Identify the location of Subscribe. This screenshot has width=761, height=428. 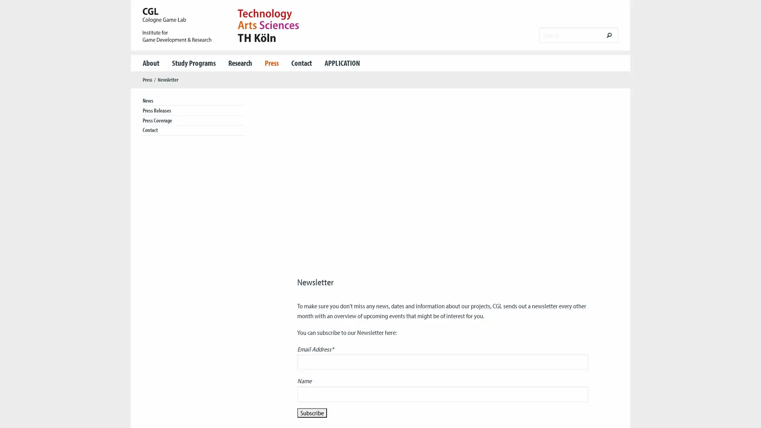
(311, 412).